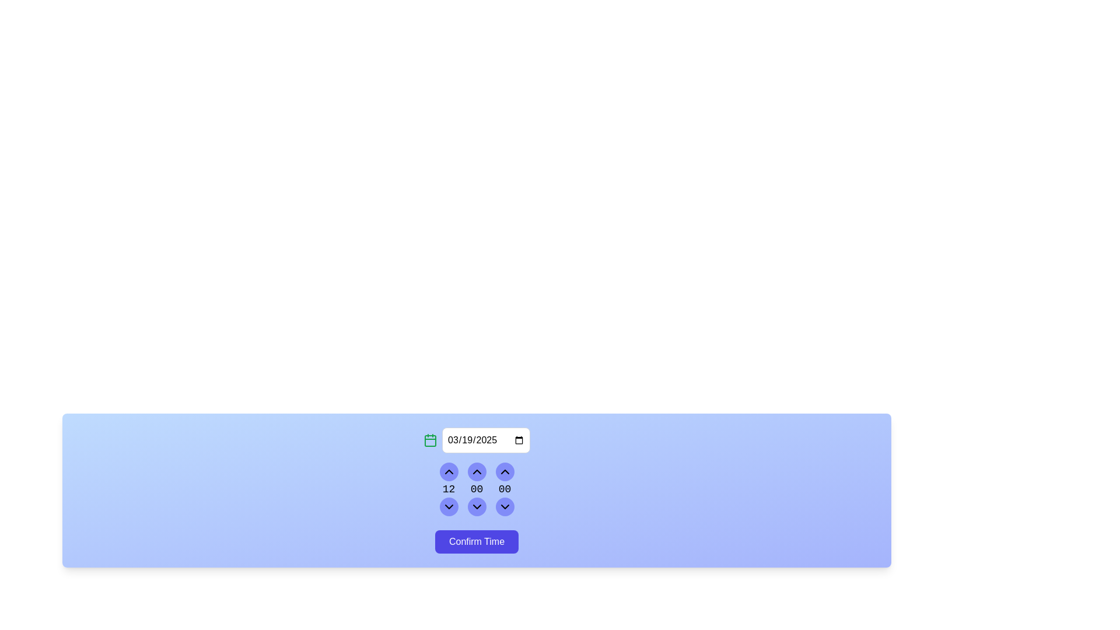 The width and height of the screenshot is (1120, 630). I want to click on the increment control button located in the upper-left section, directly above the number '12', so click(448, 471).